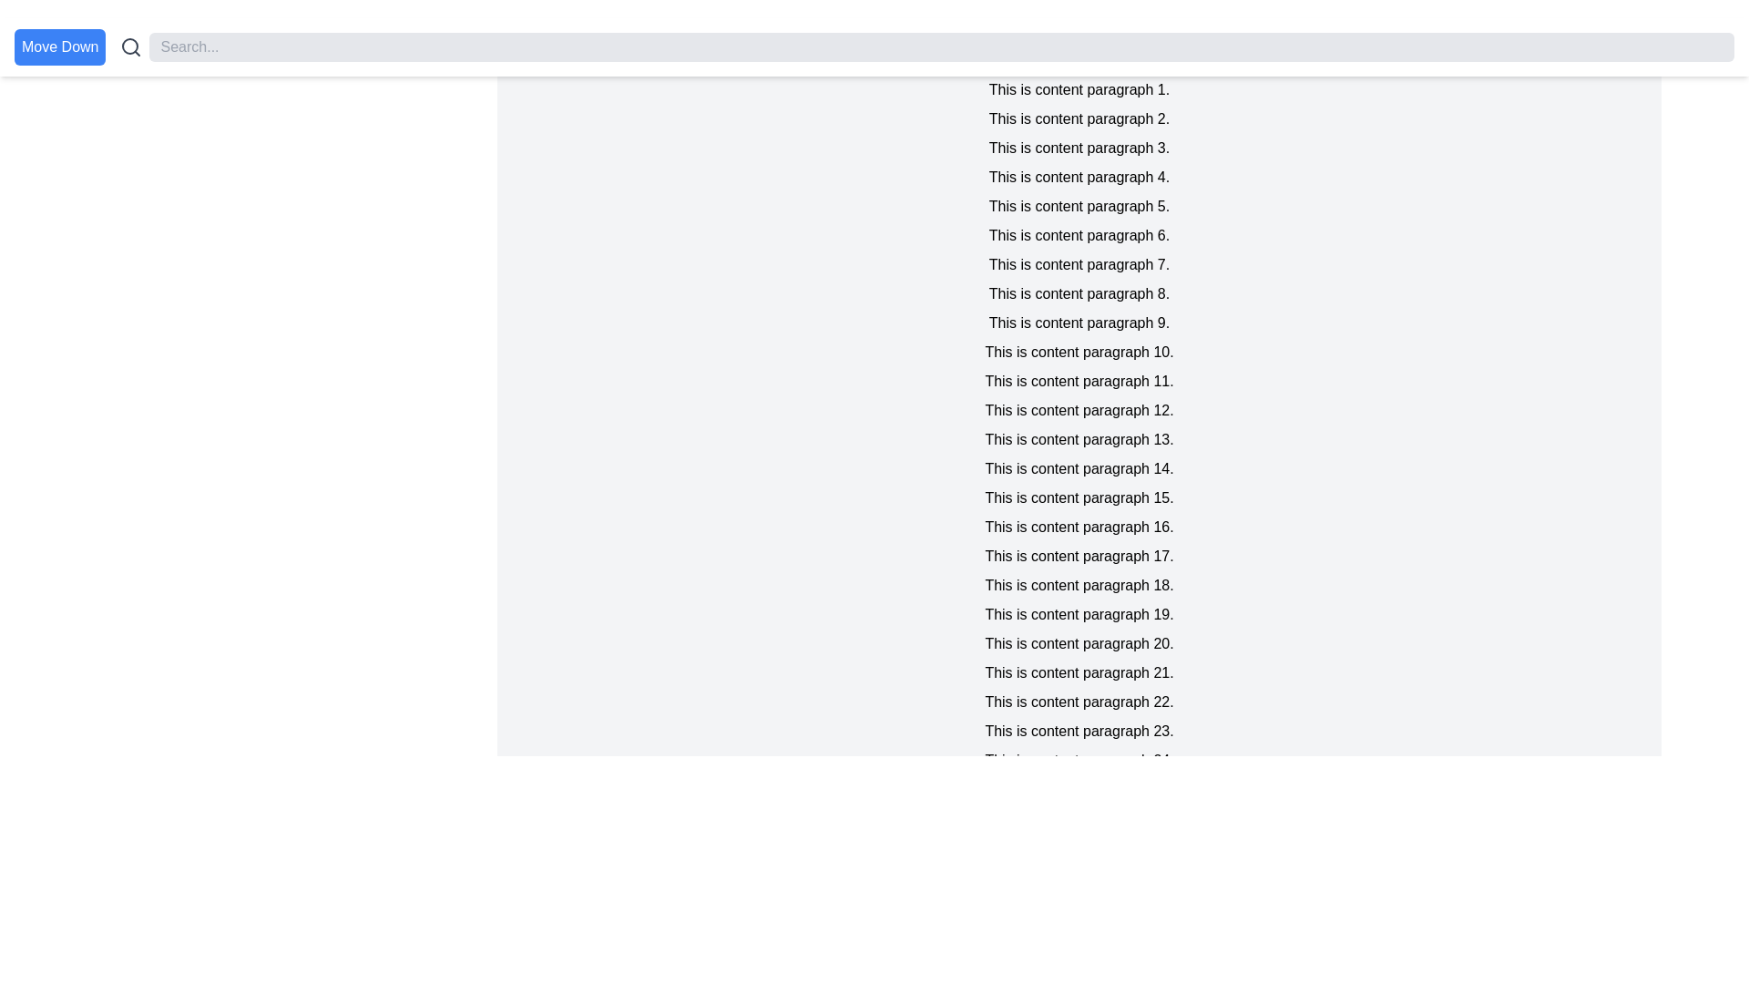 This screenshot has width=1749, height=984. What do you see at coordinates (130, 46) in the screenshot?
I see `the magnifying glass icon located centrally within the top navigation bar, to the right of the 'Move Down' button, indicating the search input field's purpose` at bounding box center [130, 46].